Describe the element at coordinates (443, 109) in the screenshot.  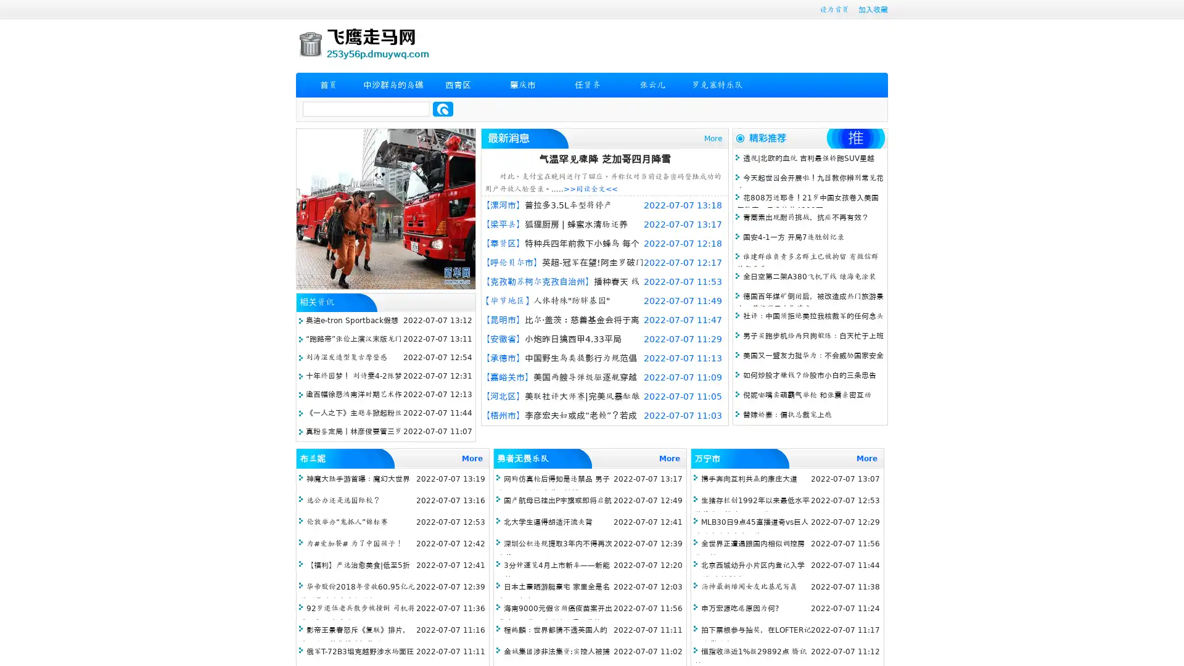
I see `Search` at that location.